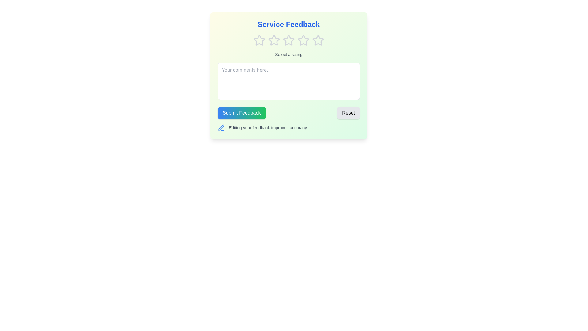 This screenshot has width=588, height=331. I want to click on the first star icon in the interactive star rating set, so click(259, 40).